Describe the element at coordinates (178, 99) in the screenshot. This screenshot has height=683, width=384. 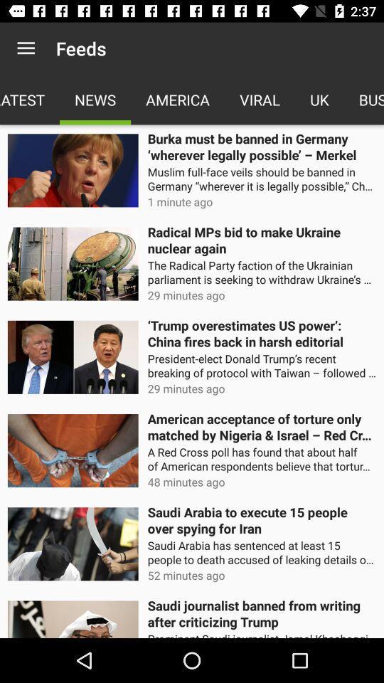
I see `icon to the right of news` at that location.